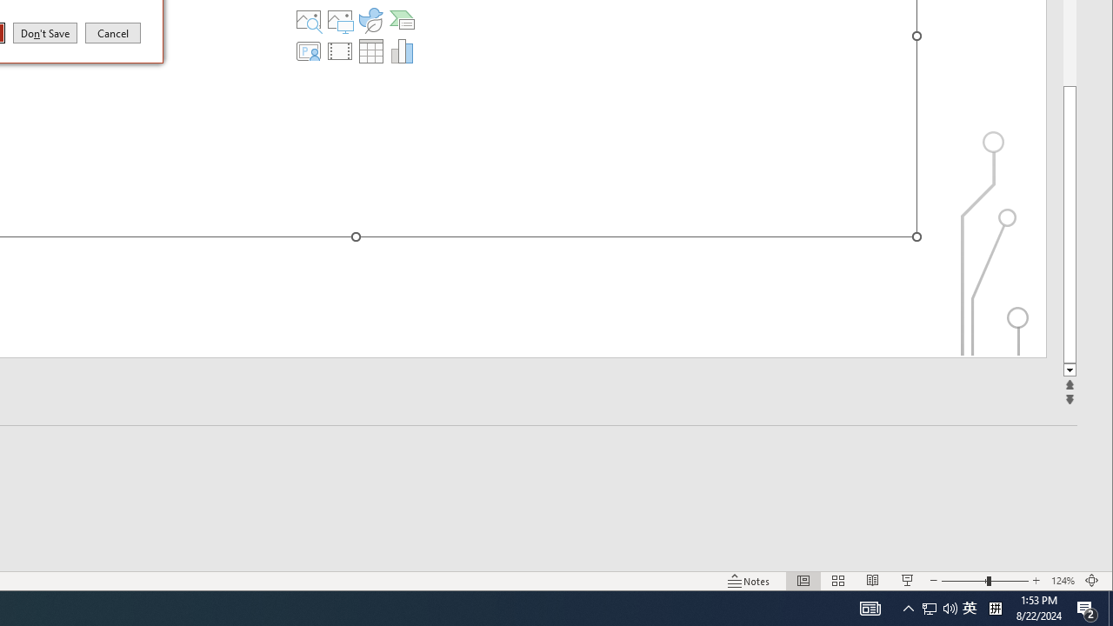  I want to click on 'Insert Cameo', so click(309, 50).